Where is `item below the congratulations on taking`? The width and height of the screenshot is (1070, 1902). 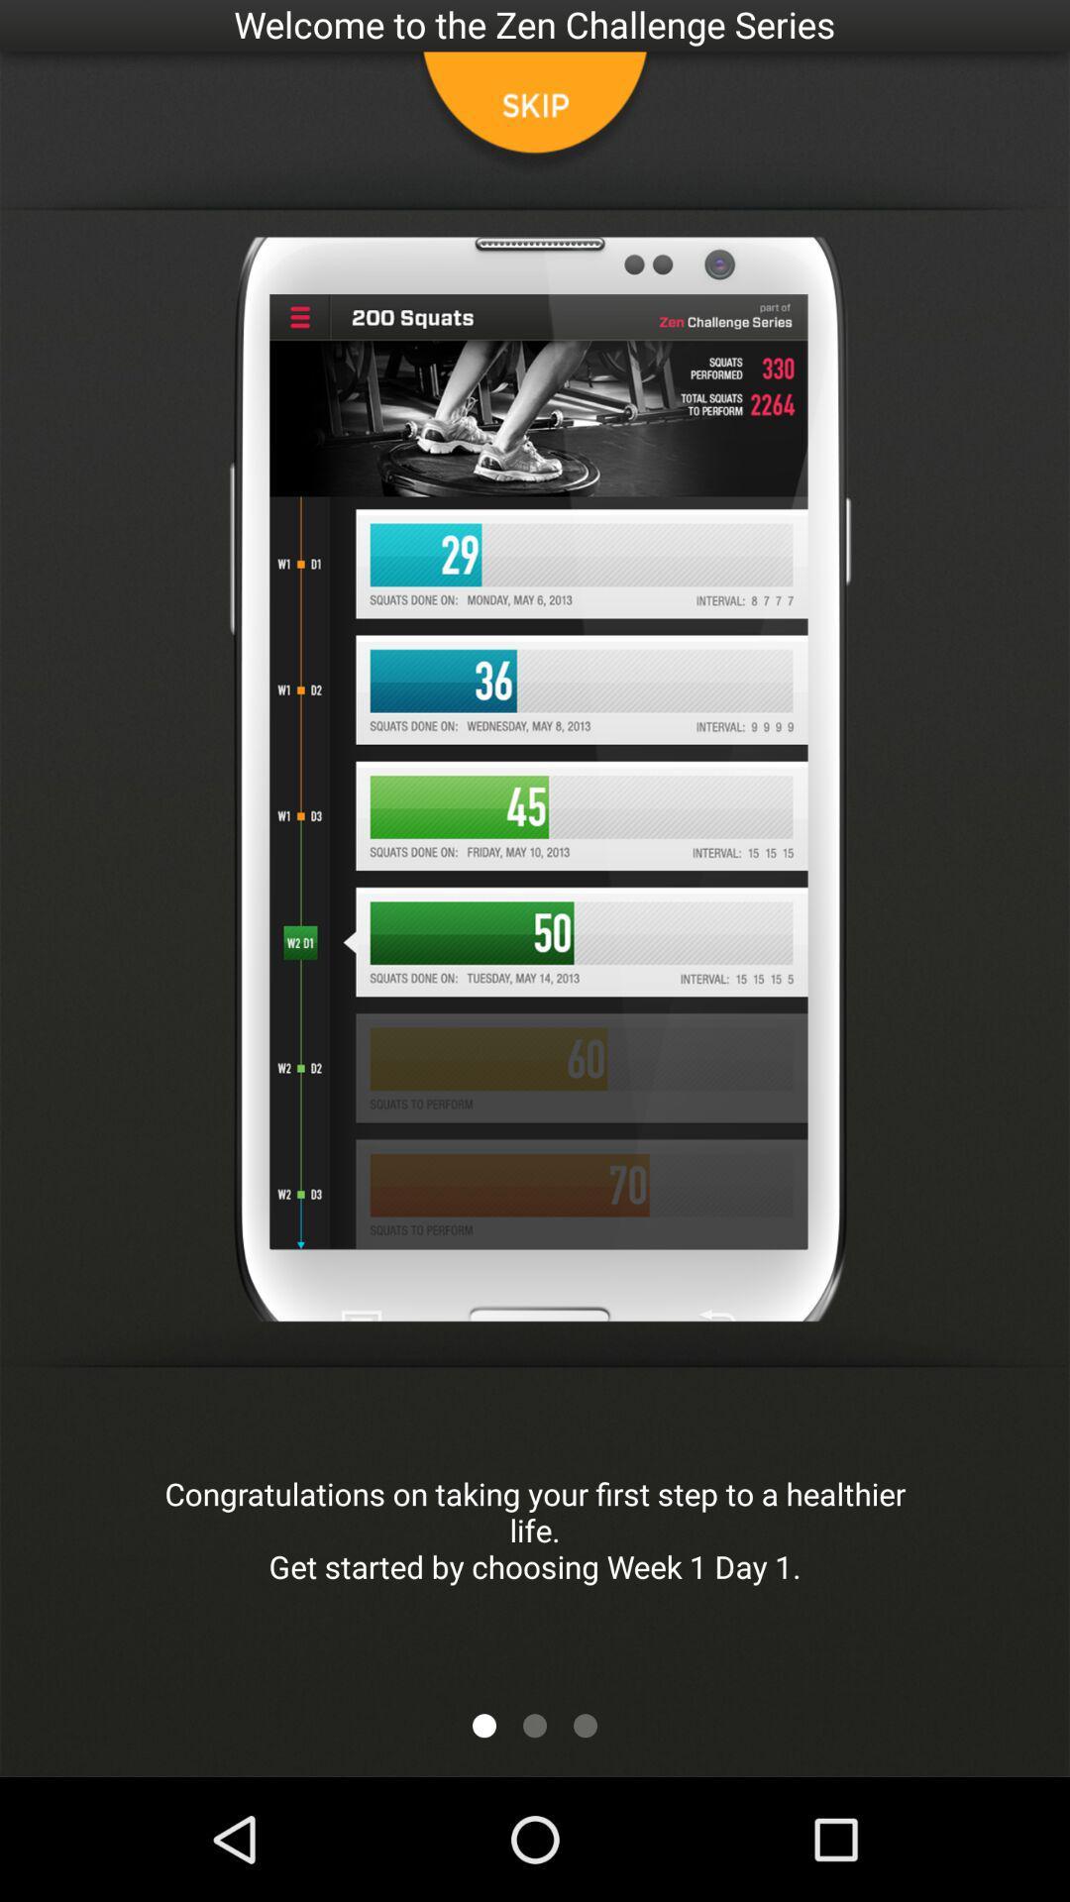
item below the congratulations on taking is located at coordinates (584, 1725).